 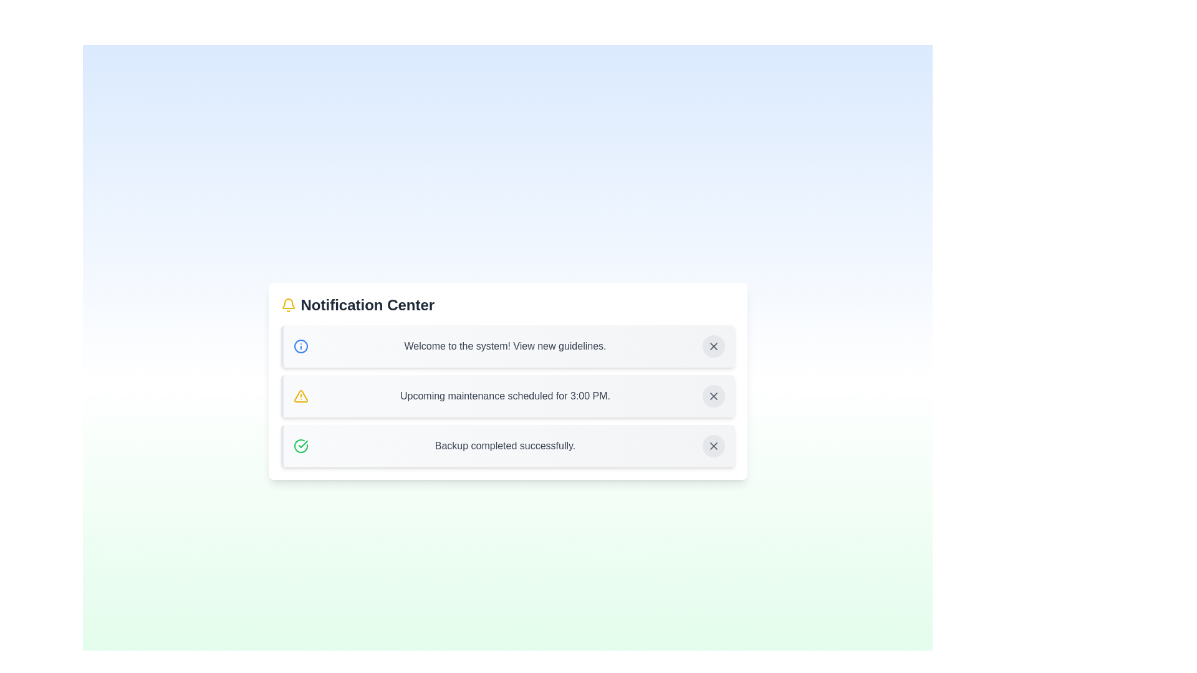 I want to click on the alert icon representing the second notification in the Notification Center panel, which serves as a visual cue for users, so click(x=300, y=396).